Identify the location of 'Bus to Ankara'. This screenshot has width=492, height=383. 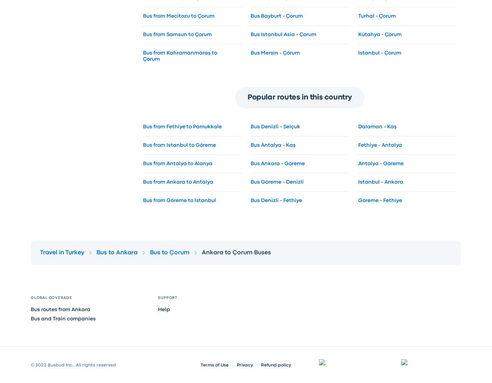
(116, 252).